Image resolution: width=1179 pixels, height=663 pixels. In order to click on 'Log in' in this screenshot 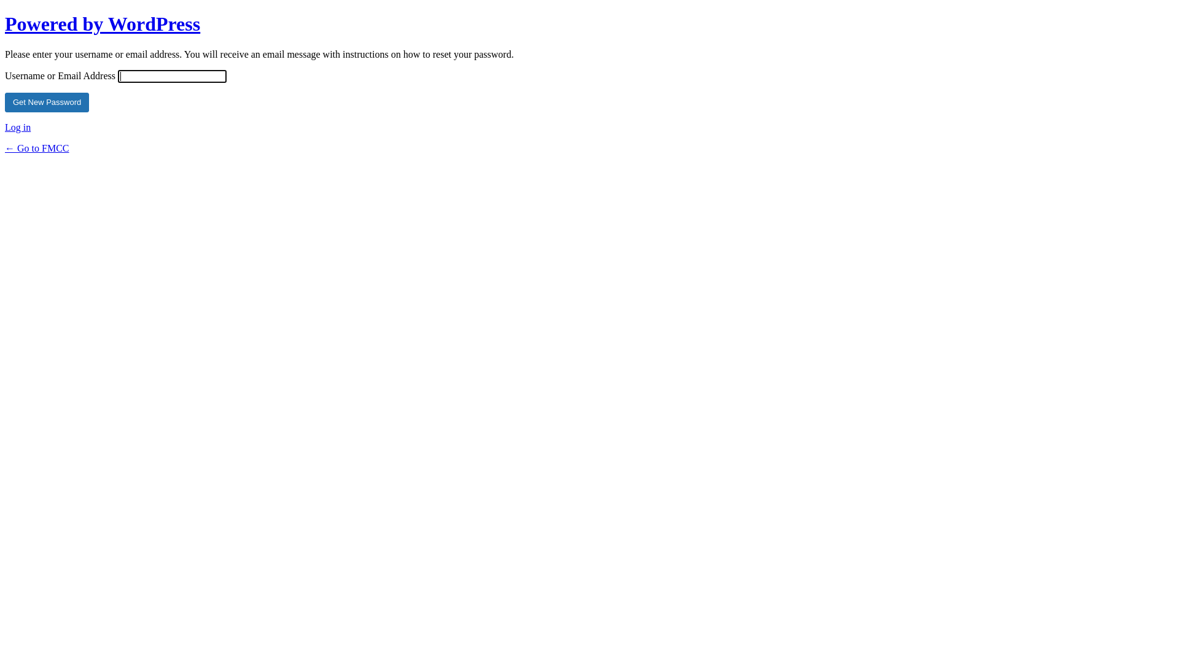, I will do `click(5, 127)`.